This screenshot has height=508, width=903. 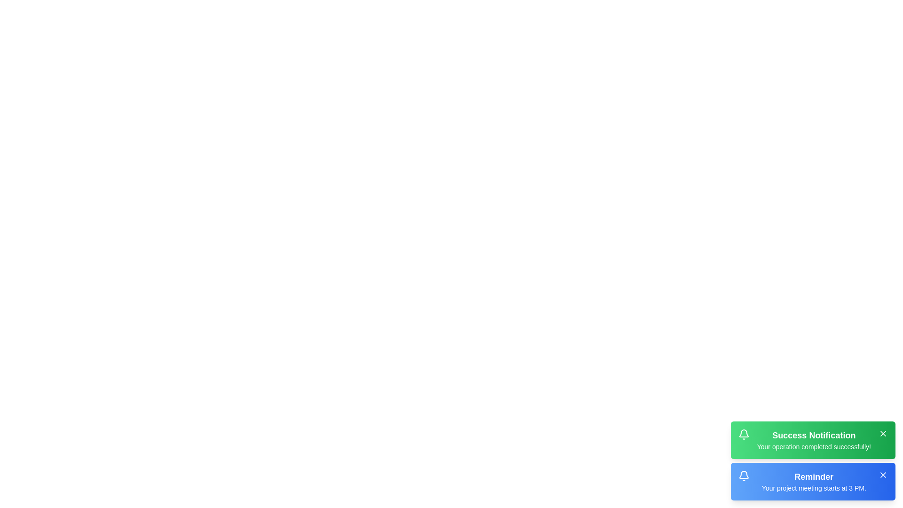 I want to click on close button for the notification titled 'Reminder', so click(x=882, y=475).